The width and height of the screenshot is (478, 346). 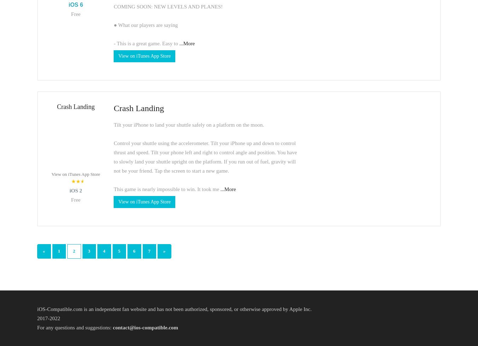 I want to click on 'Tilt your iPhone to land your shuttle safely on a platform on the moon.', so click(x=188, y=124).